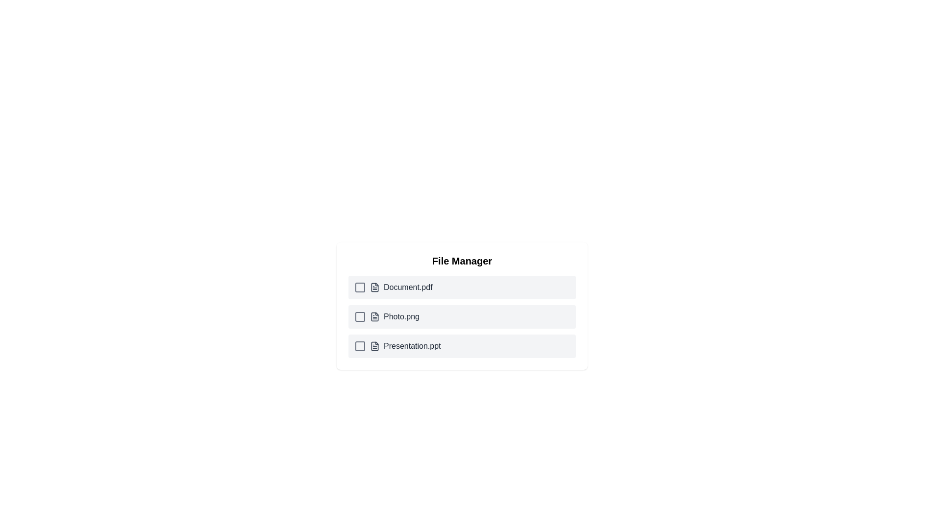 This screenshot has height=529, width=941. Describe the element at coordinates (401, 317) in the screenshot. I see `the text label displaying 'Photo.png' in dark gray font, located in the second row of a vertical list in the file manager interface` at that location.